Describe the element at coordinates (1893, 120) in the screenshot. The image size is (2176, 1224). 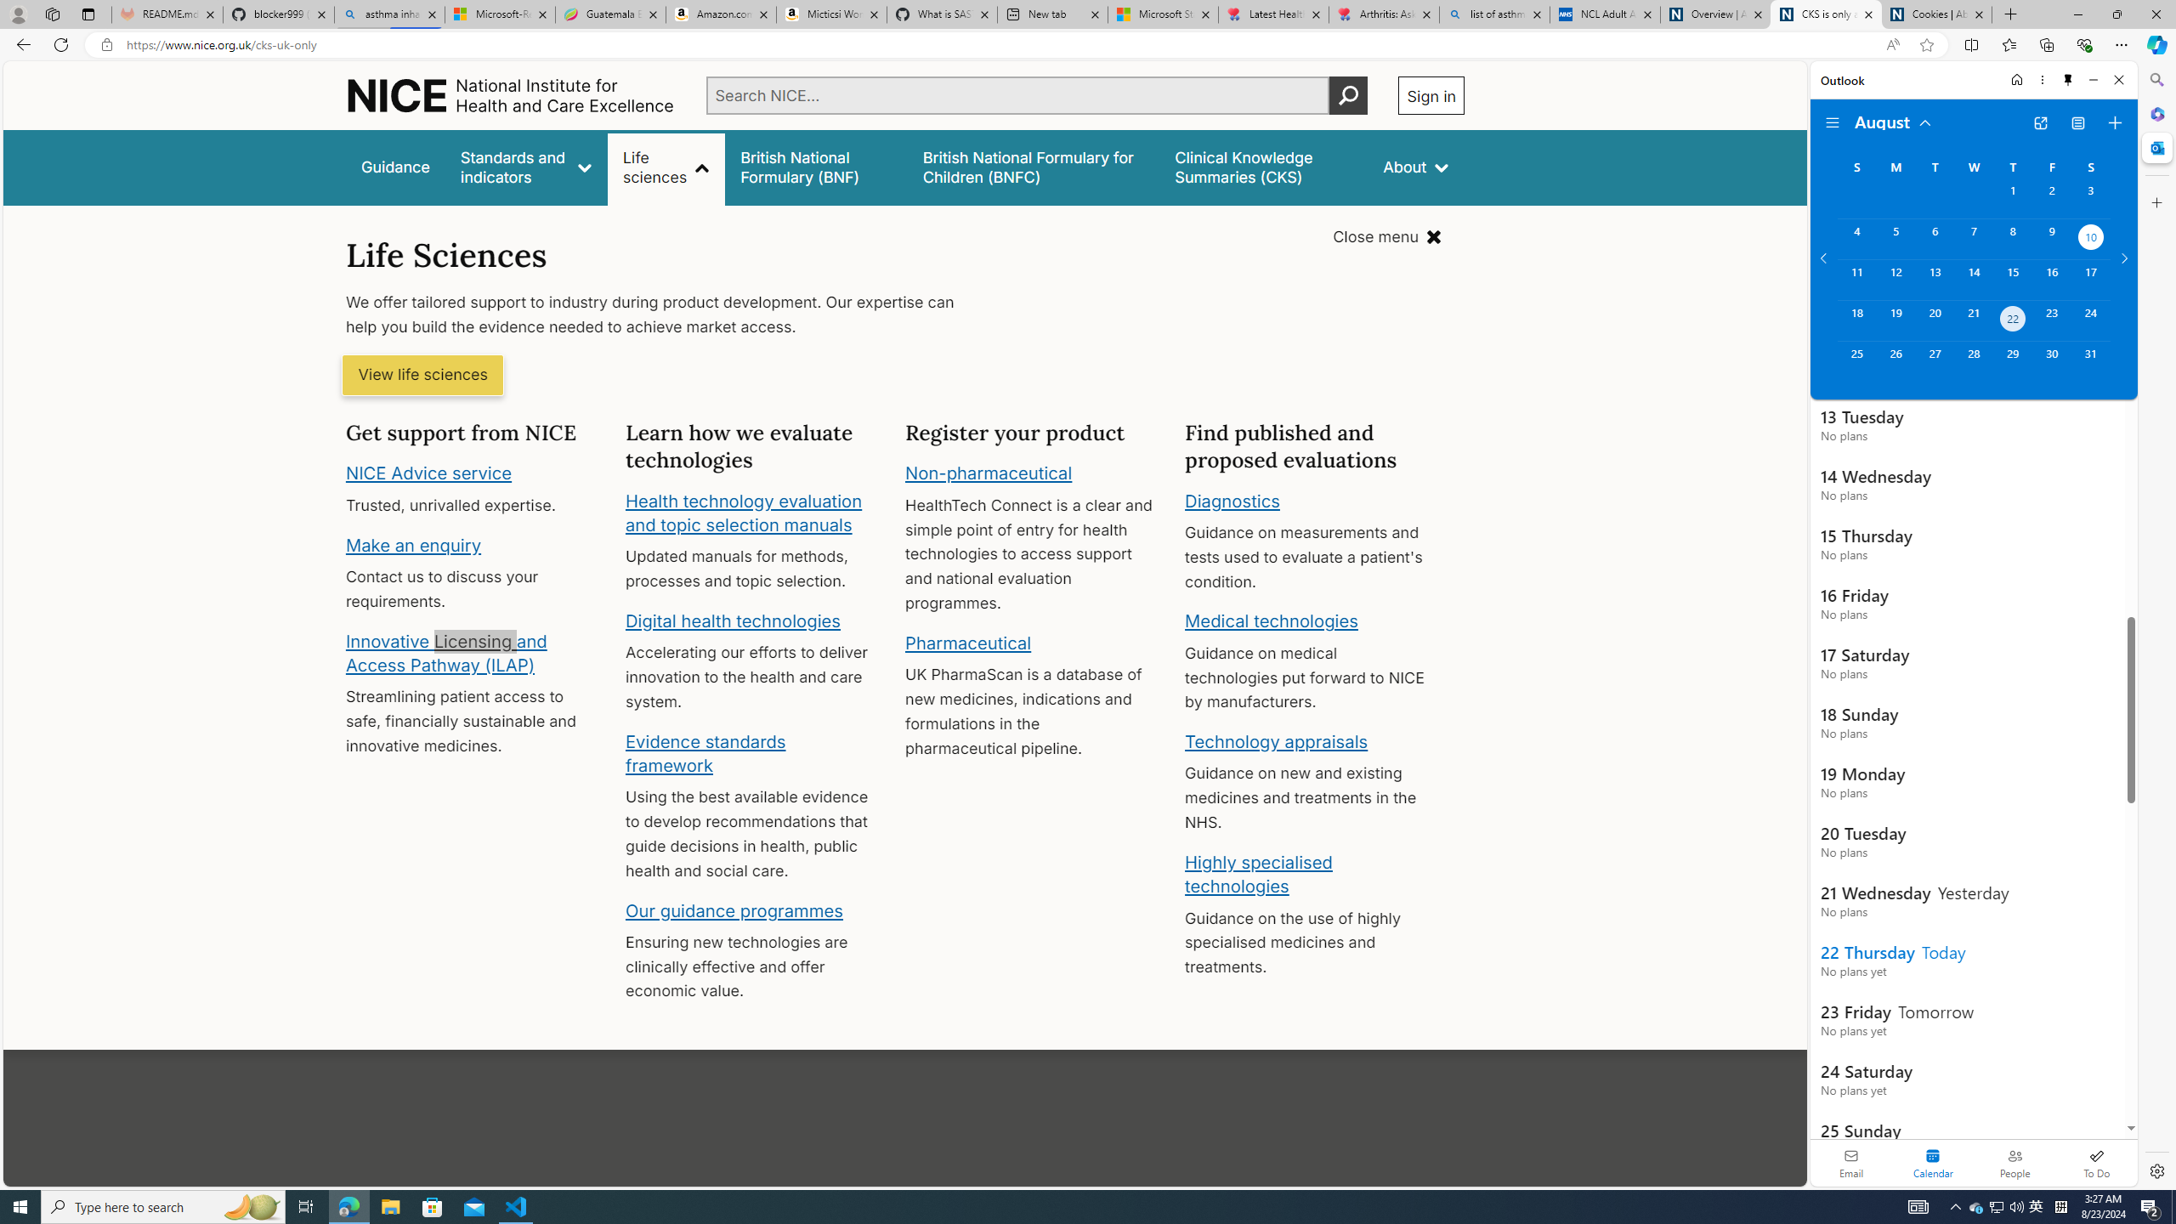
I see `'August'` at that location.